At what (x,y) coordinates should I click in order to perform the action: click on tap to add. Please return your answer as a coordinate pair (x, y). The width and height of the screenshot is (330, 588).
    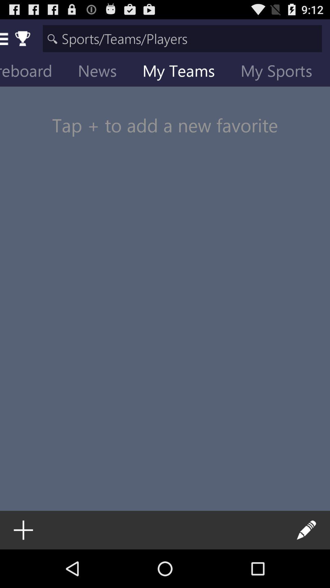
    Looking at the image, I should click on (165, 113).